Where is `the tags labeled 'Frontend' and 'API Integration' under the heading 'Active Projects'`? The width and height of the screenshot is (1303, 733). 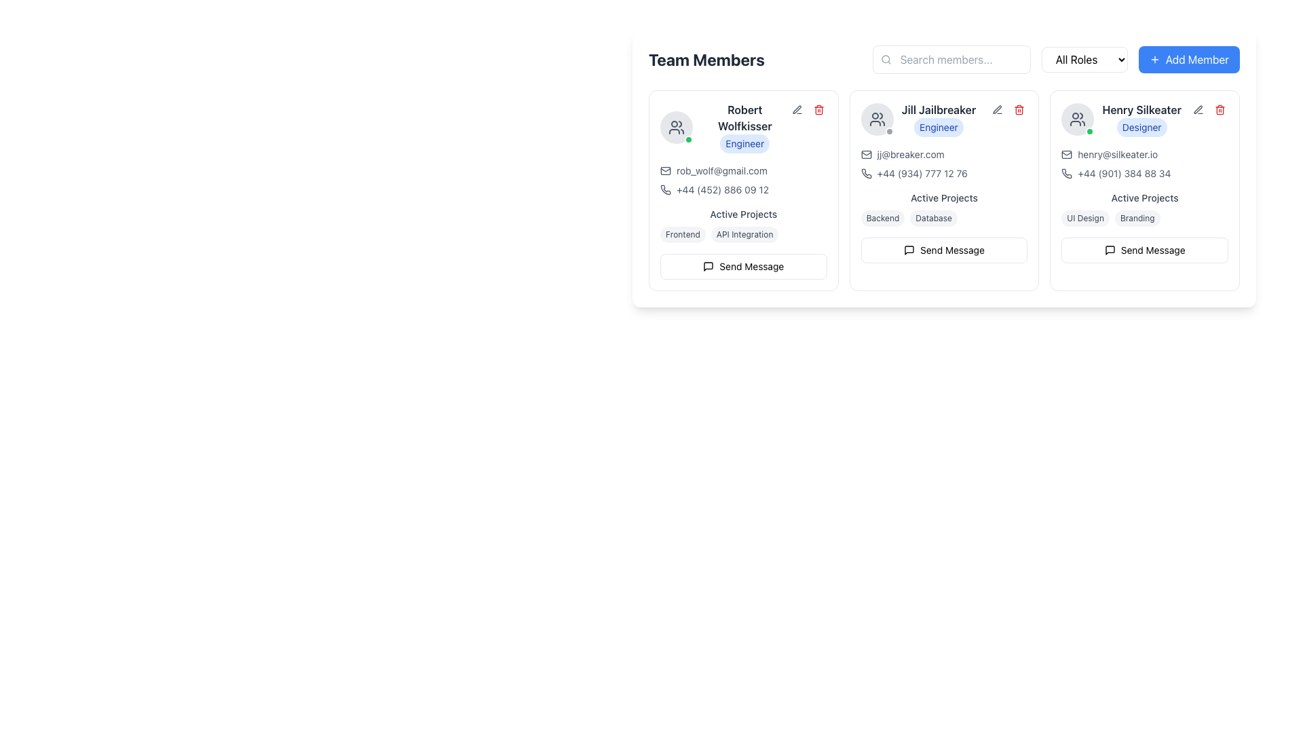 the tags labeled 'Frontend' and 'API Integration' under the heading 'Active Projects' is located at coordinates (742, 224).